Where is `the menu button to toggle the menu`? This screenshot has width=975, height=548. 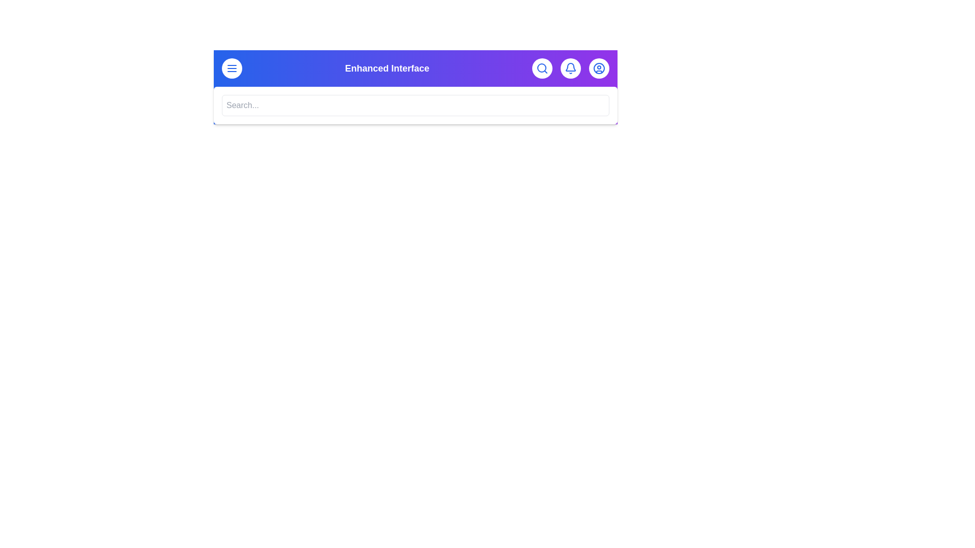
the menu button to toggle the menu is located at coordinates (231, 68).